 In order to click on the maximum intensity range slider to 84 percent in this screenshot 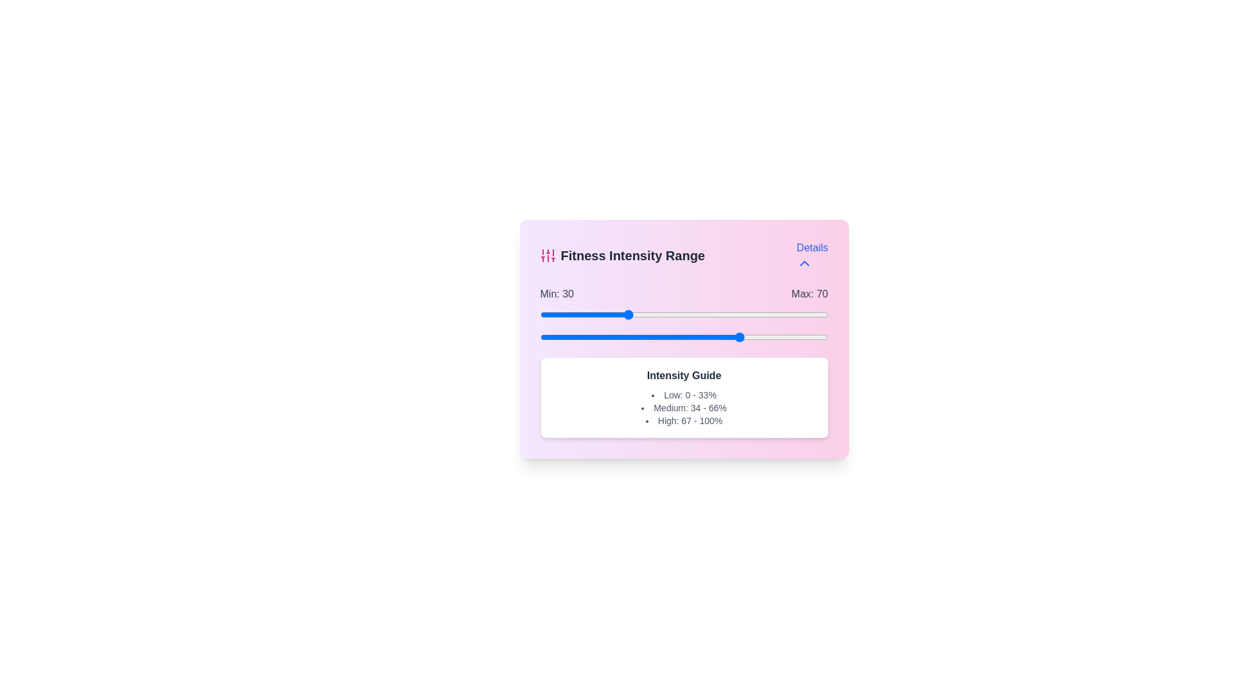, I will do `click(781, 336)`.